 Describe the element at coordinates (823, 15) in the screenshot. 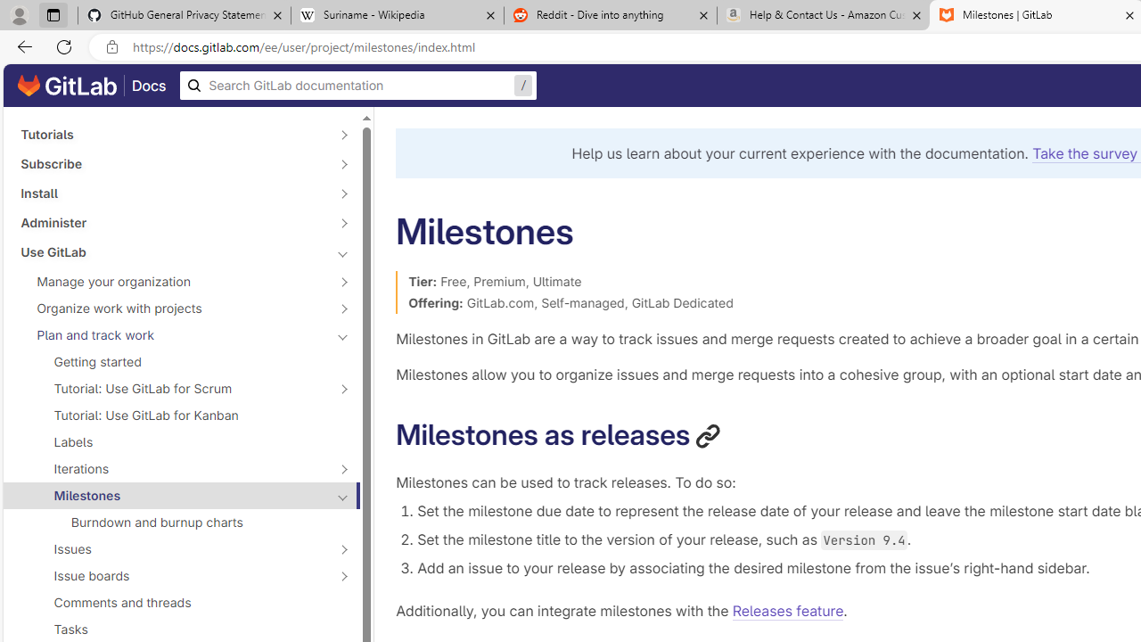

I see `'Help & Contact Us - Amazon Customer Service - Sleeping'` at that location.